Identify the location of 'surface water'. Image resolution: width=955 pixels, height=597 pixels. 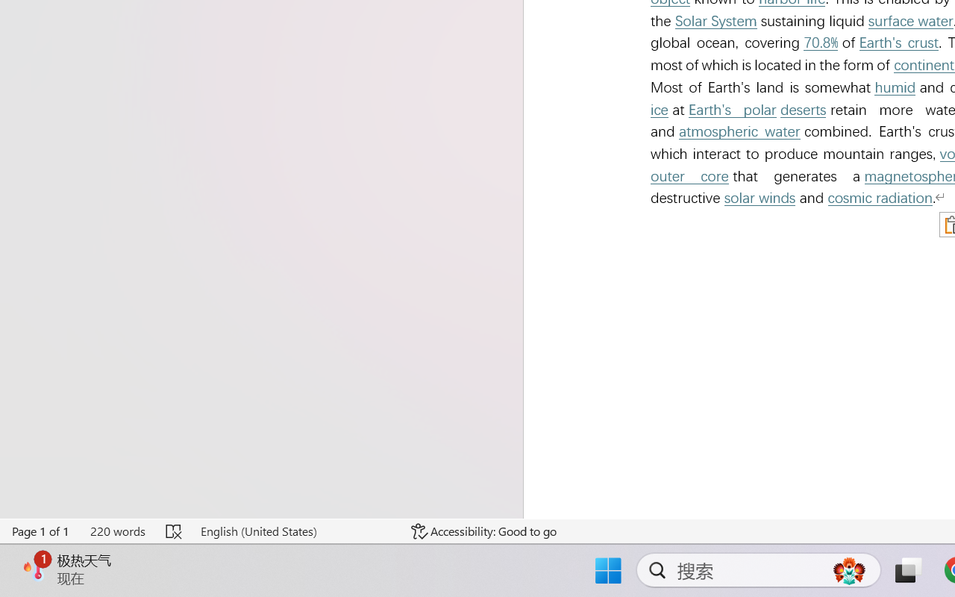
(909, 21).